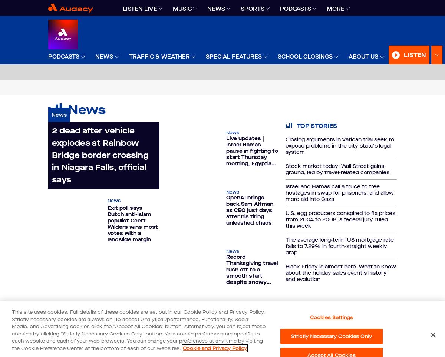 This screenshot has width=445, height=357. What do you see at coordinates (340, 272) in the screenshot?
I see `'Black Friday is almost here. What to know about the holiday sales event's history and evolution'` at bounding box center [340, 272].